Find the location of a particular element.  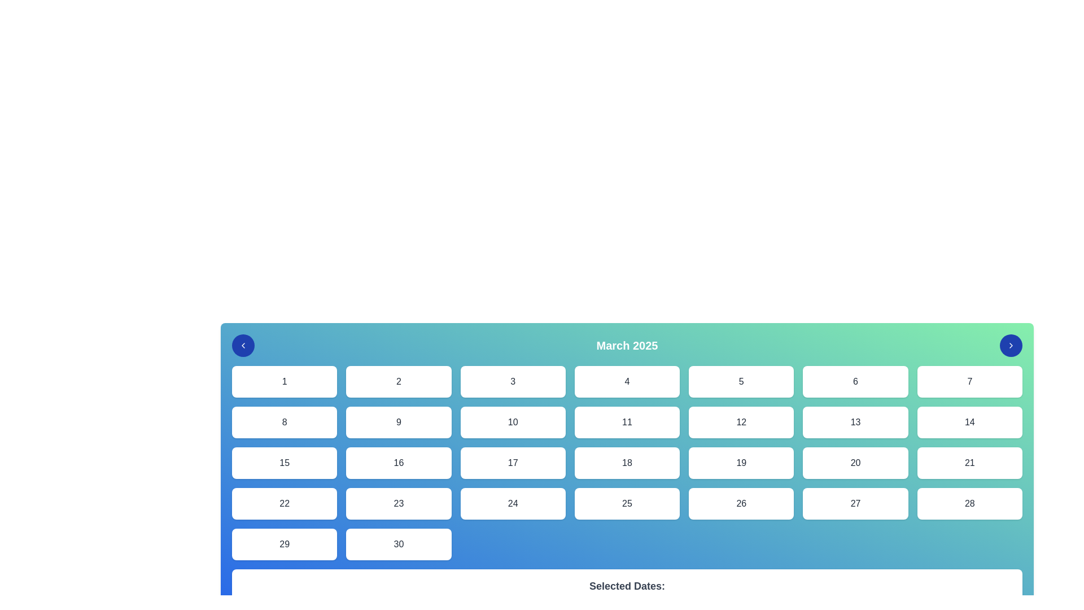

the button representing the selectable date (the eleventh day) in the month-view calendar, located in the second row and fourth column of the grid layout is located at coordinates (626, 422).